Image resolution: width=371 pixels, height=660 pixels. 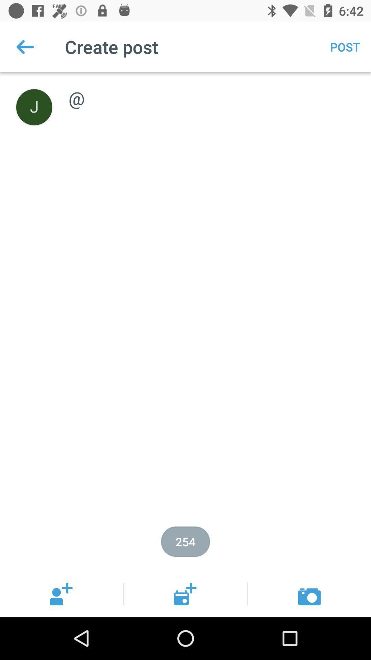 I want to click on the icon to the left of the create post item, so click(x=25, y=46).